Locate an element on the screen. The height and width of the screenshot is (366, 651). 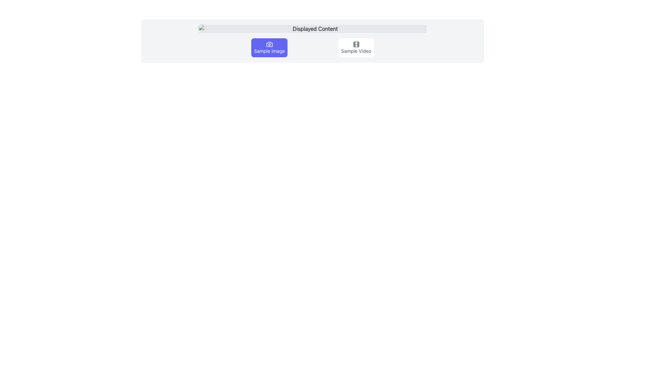
the second button labeled 'Sample Video' which has a white background and gray text, located to the right of the 'Sample Image' button, to activate hover effects is located at coordinates (356, 47).